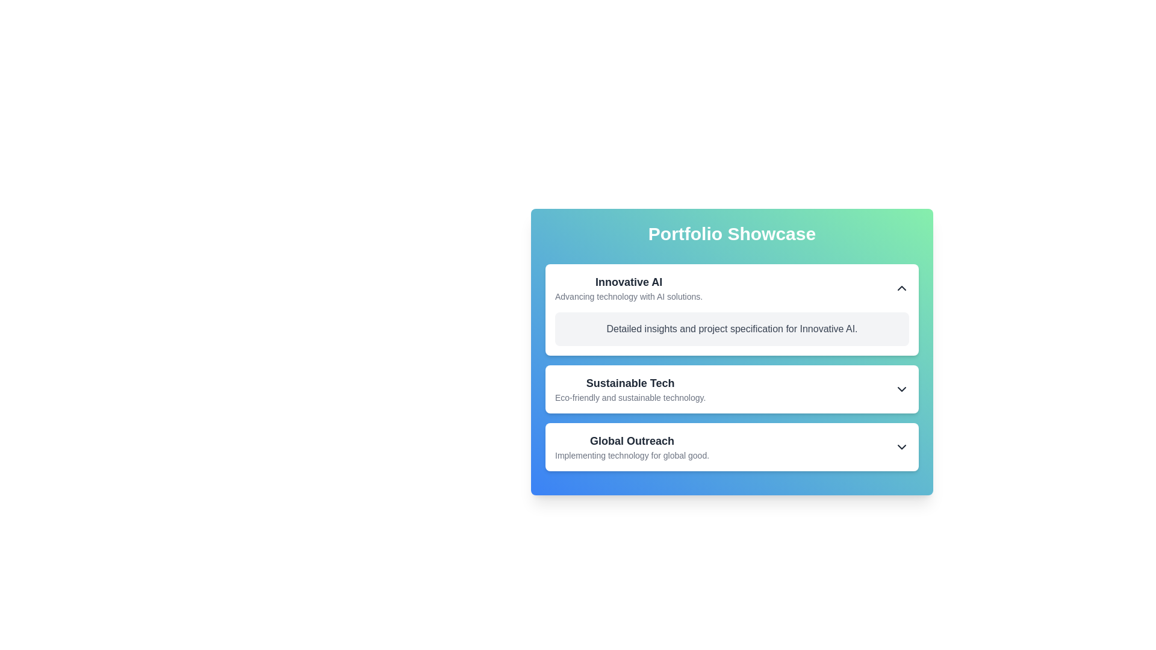 The image size is (1156, 650). I want to click on the text block containing 'Global Outreach' and 'Implementing technology for global good.' located in the third card of the vertical list under 'Innovative AI' and 'Sustainable Tech.', so click(632, 447).